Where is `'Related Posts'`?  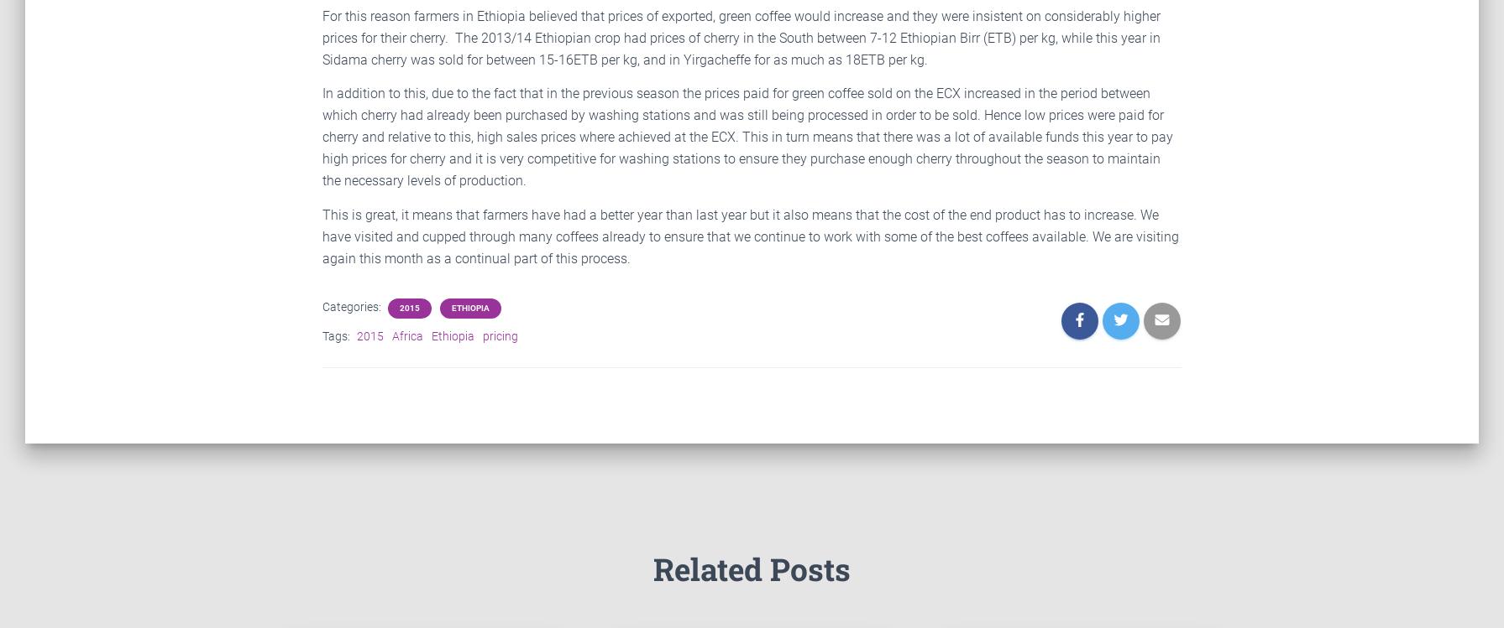 'Related Posts' is located at coordinates (752, 568).